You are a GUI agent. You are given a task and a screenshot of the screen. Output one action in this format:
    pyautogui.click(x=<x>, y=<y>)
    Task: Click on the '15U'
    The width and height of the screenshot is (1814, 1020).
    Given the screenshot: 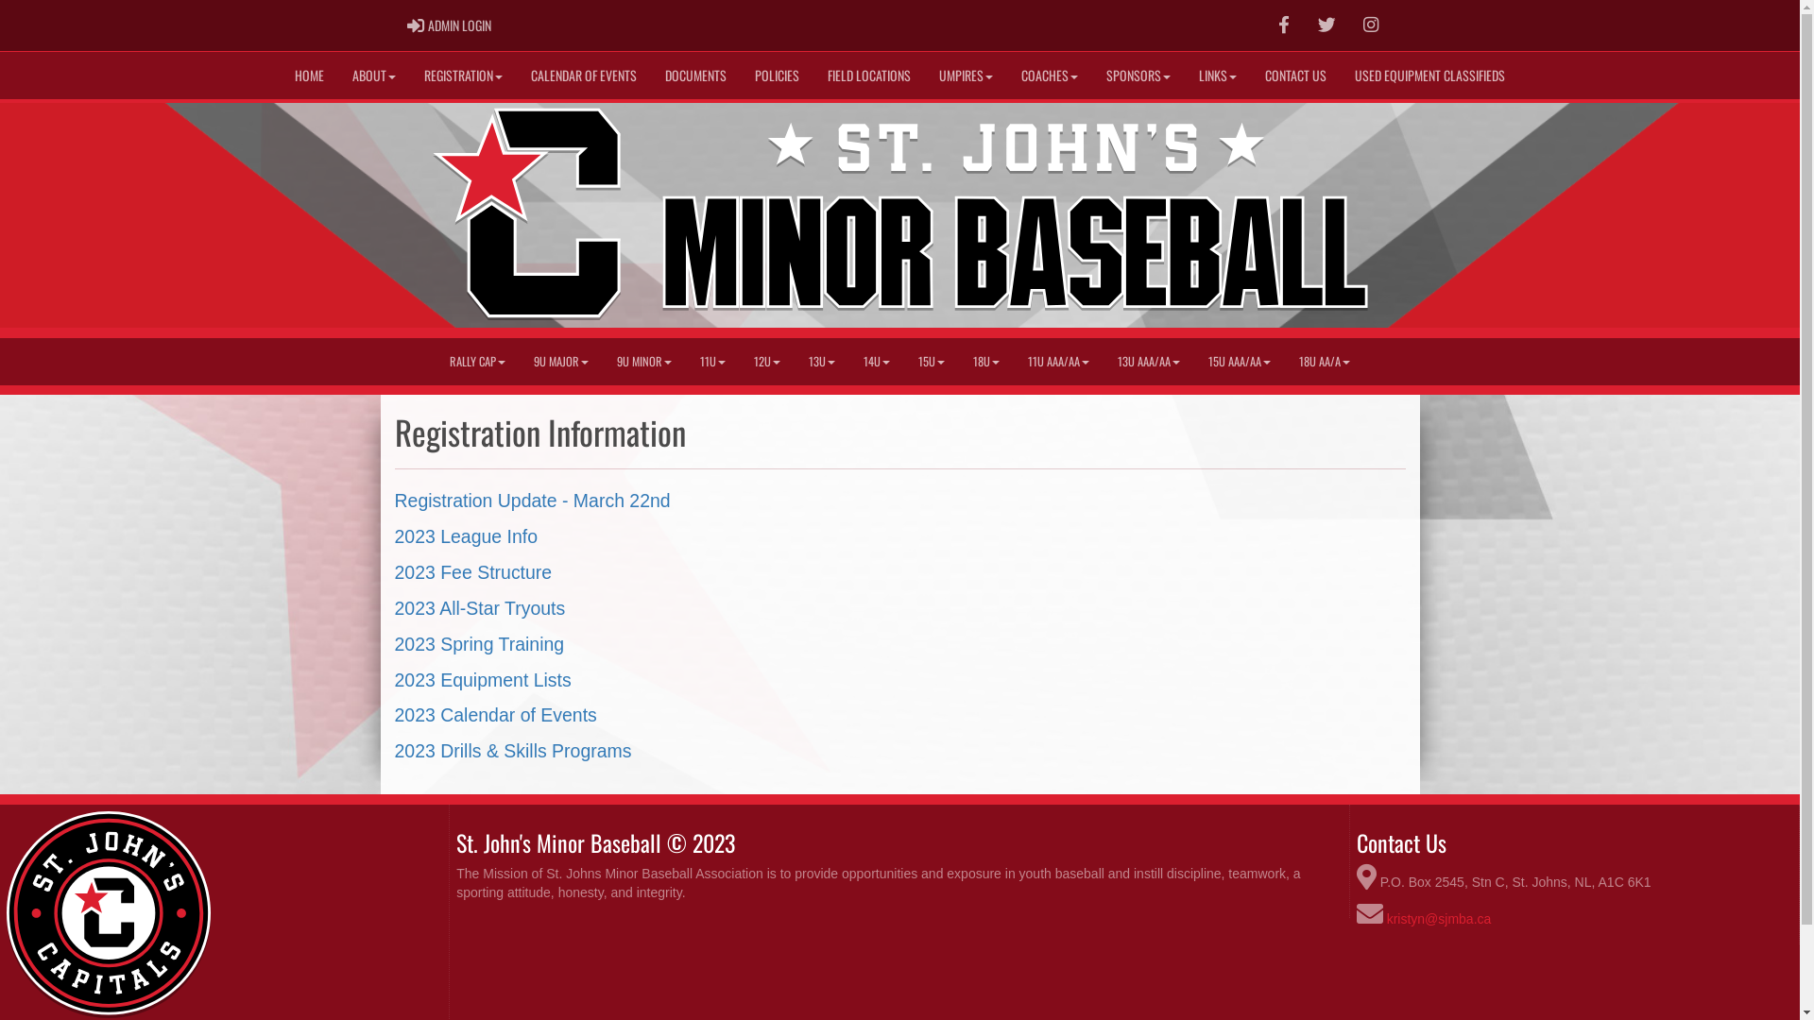 What is the action you would take?
    pyautogui.click(x=902, y=361)
    